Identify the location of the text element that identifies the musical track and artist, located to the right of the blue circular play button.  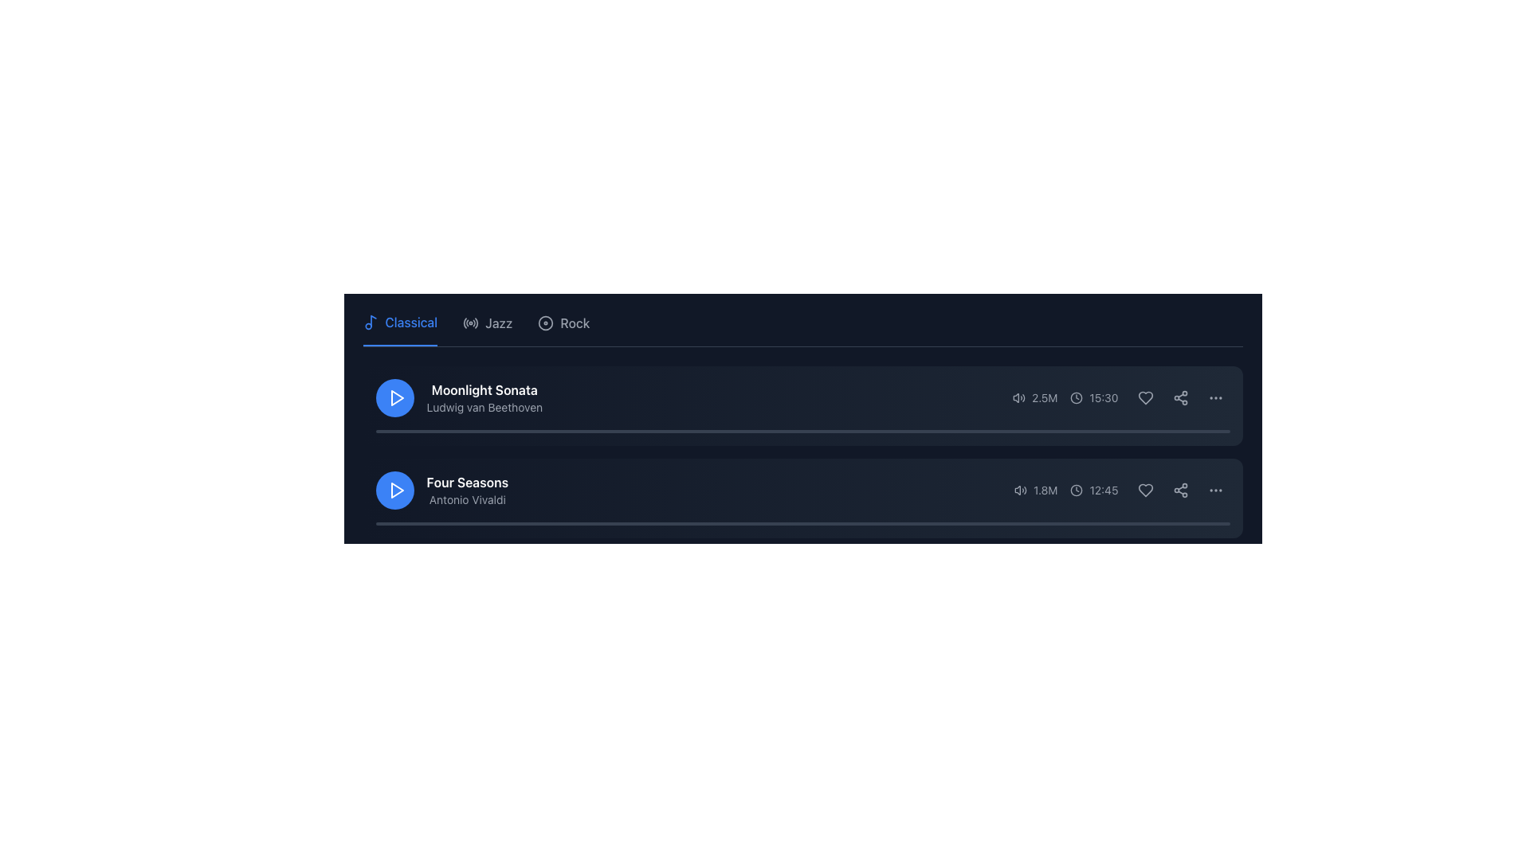
(484, 397).